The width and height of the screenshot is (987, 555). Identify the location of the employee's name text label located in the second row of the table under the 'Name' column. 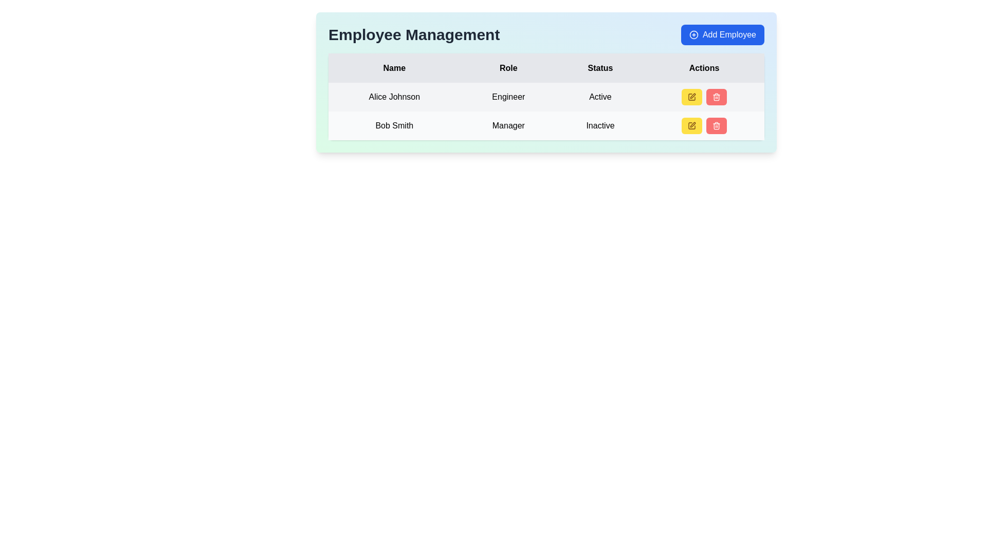
(394, 125).